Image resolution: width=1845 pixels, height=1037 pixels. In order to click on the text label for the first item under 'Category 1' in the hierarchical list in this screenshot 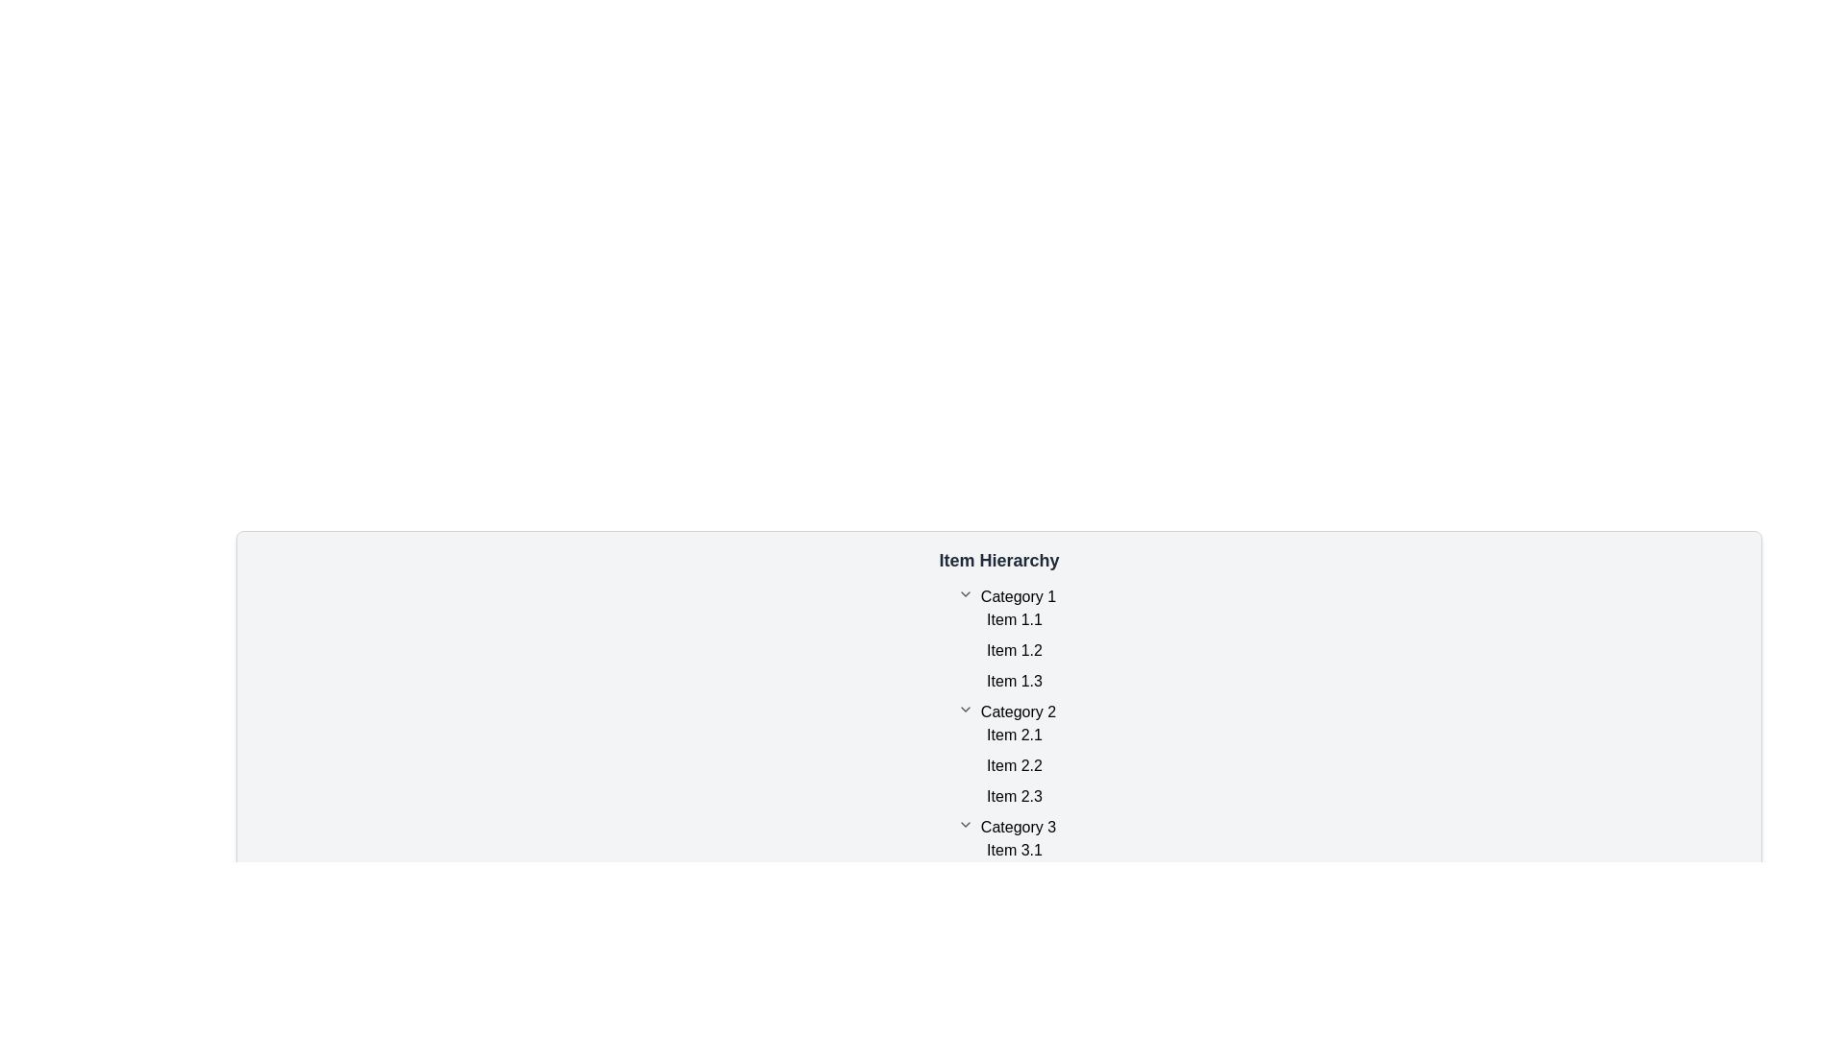, I will do `click(1014, 618)`.